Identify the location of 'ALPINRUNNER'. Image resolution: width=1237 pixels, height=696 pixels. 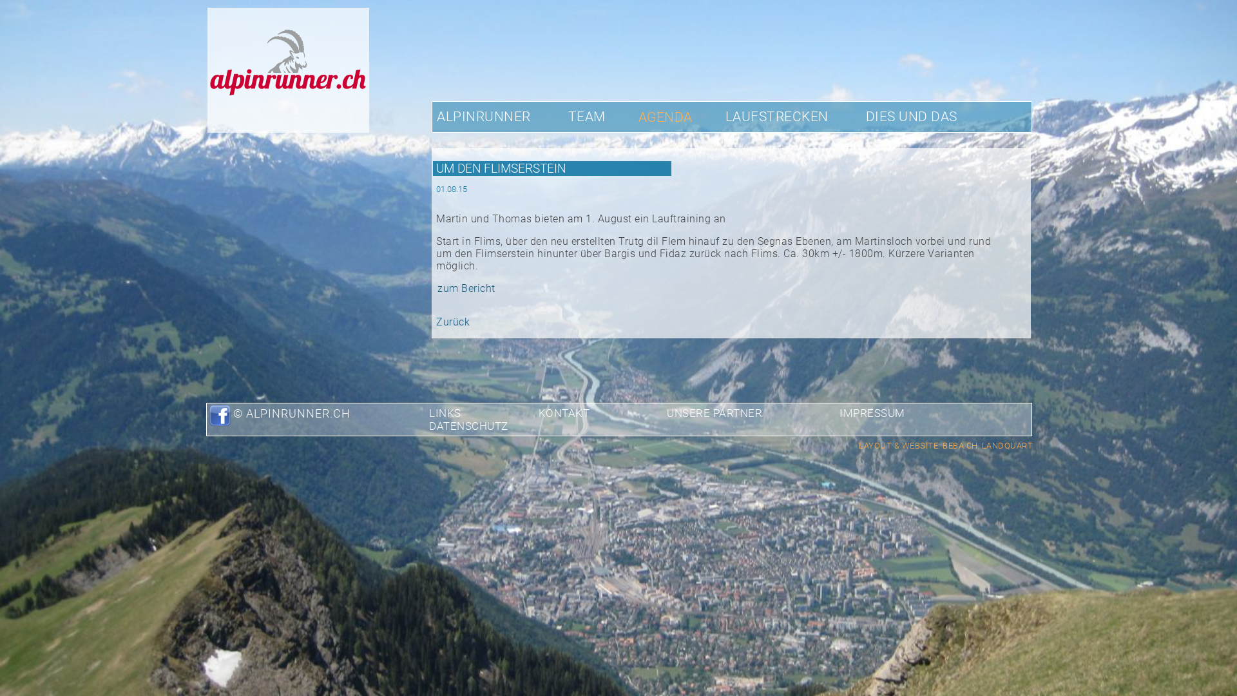
(483, 116).